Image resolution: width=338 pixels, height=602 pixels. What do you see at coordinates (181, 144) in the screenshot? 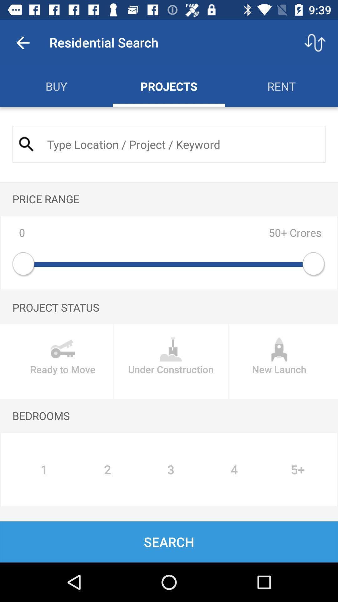
I see `type property location project or keyword` at bounding box center [181, 144].